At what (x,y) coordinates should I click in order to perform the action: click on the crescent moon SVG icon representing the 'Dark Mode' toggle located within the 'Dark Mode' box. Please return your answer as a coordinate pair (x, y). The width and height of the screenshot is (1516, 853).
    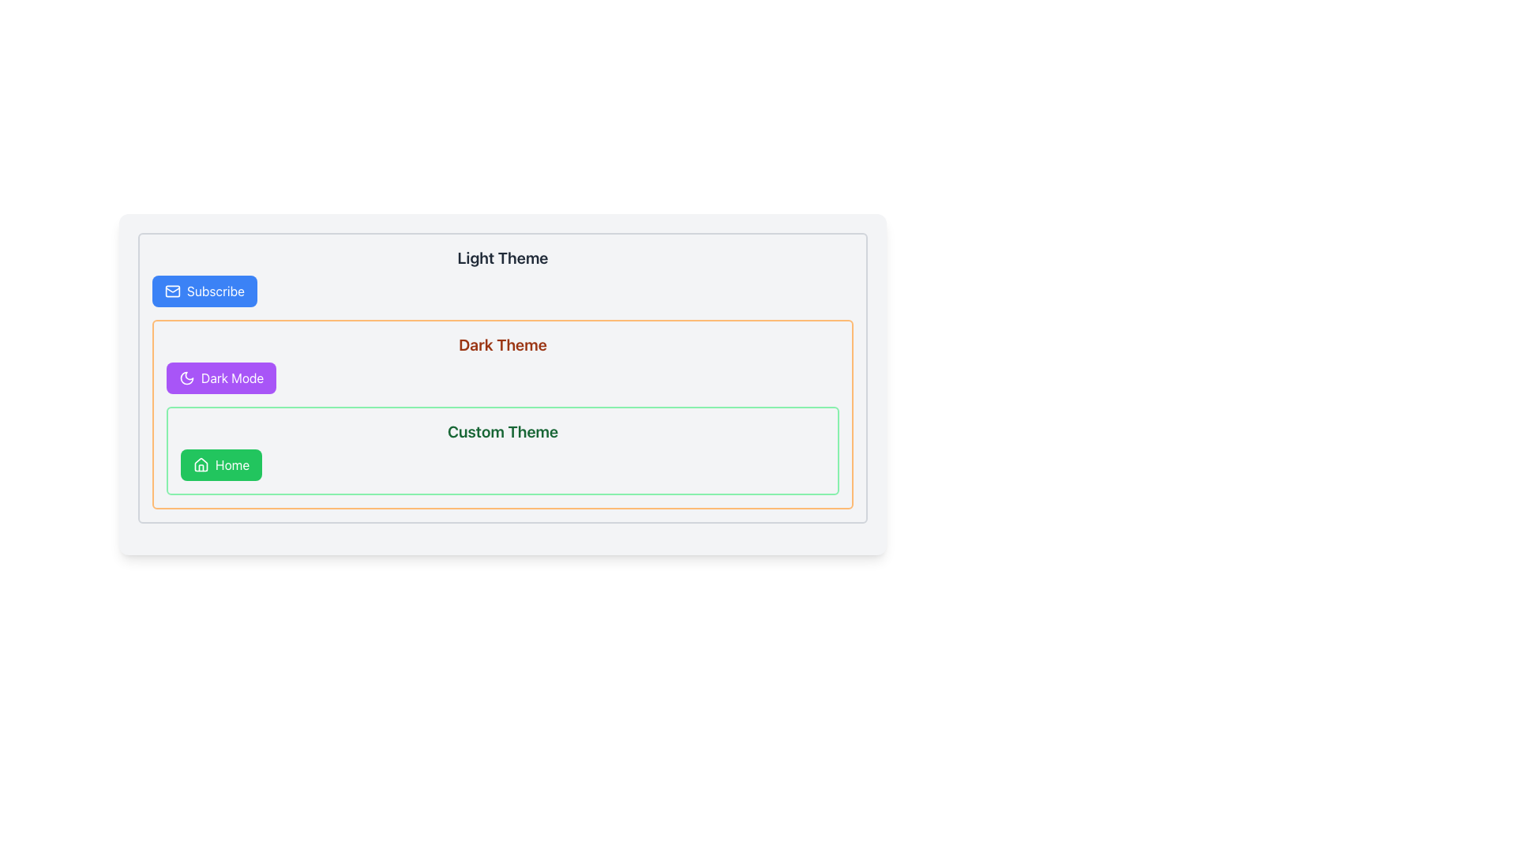
    Looking at the image, I should click on (186, 378).